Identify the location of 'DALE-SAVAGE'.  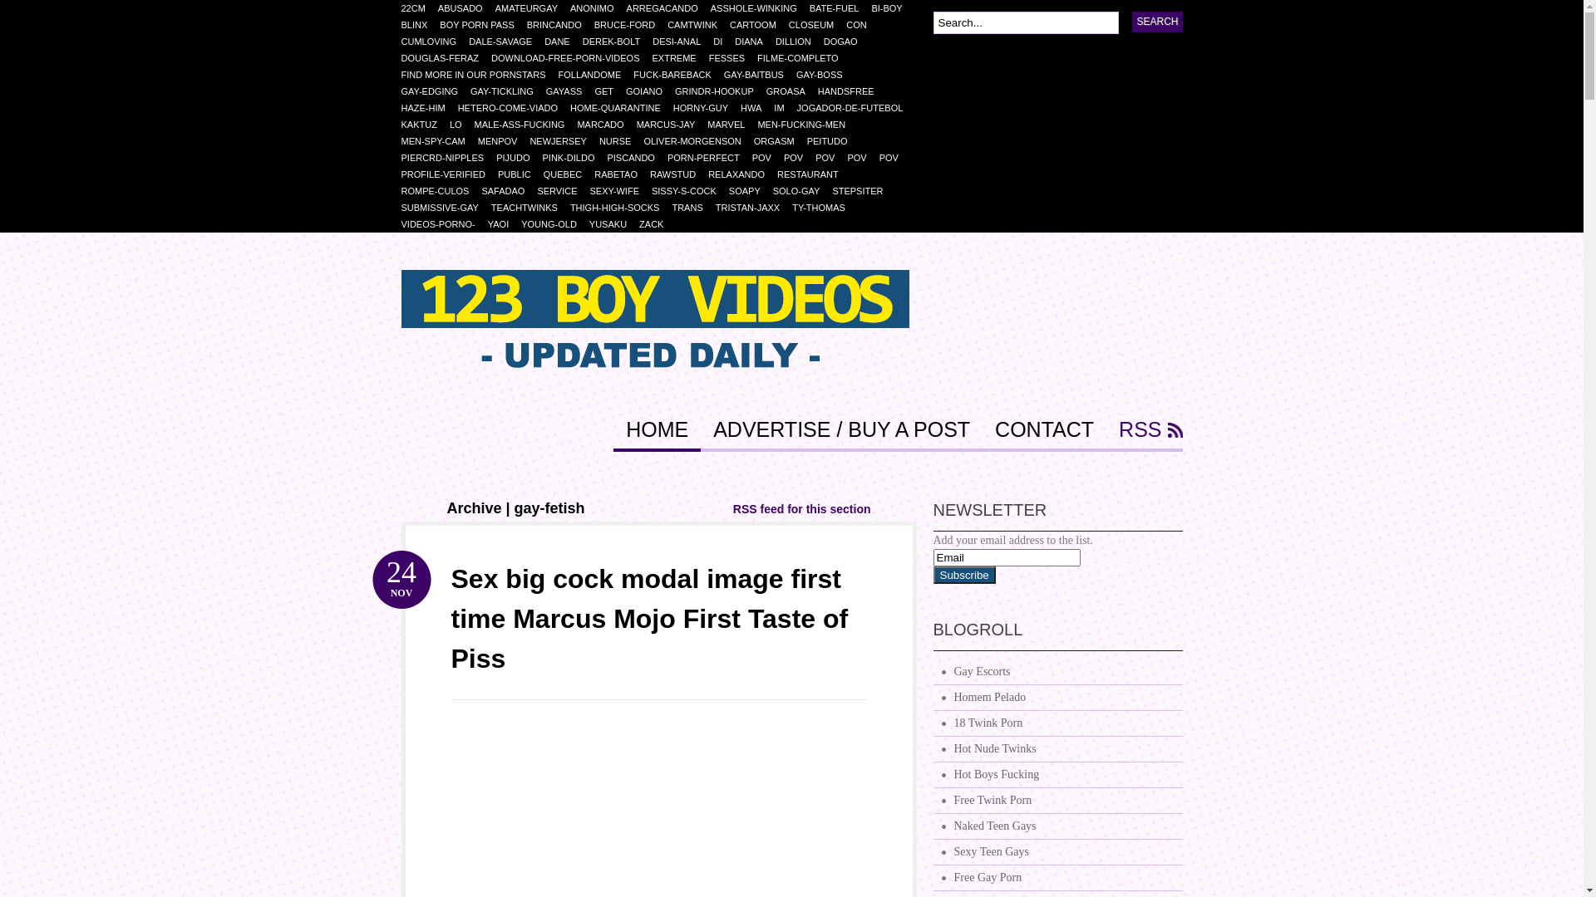
(505, 41).